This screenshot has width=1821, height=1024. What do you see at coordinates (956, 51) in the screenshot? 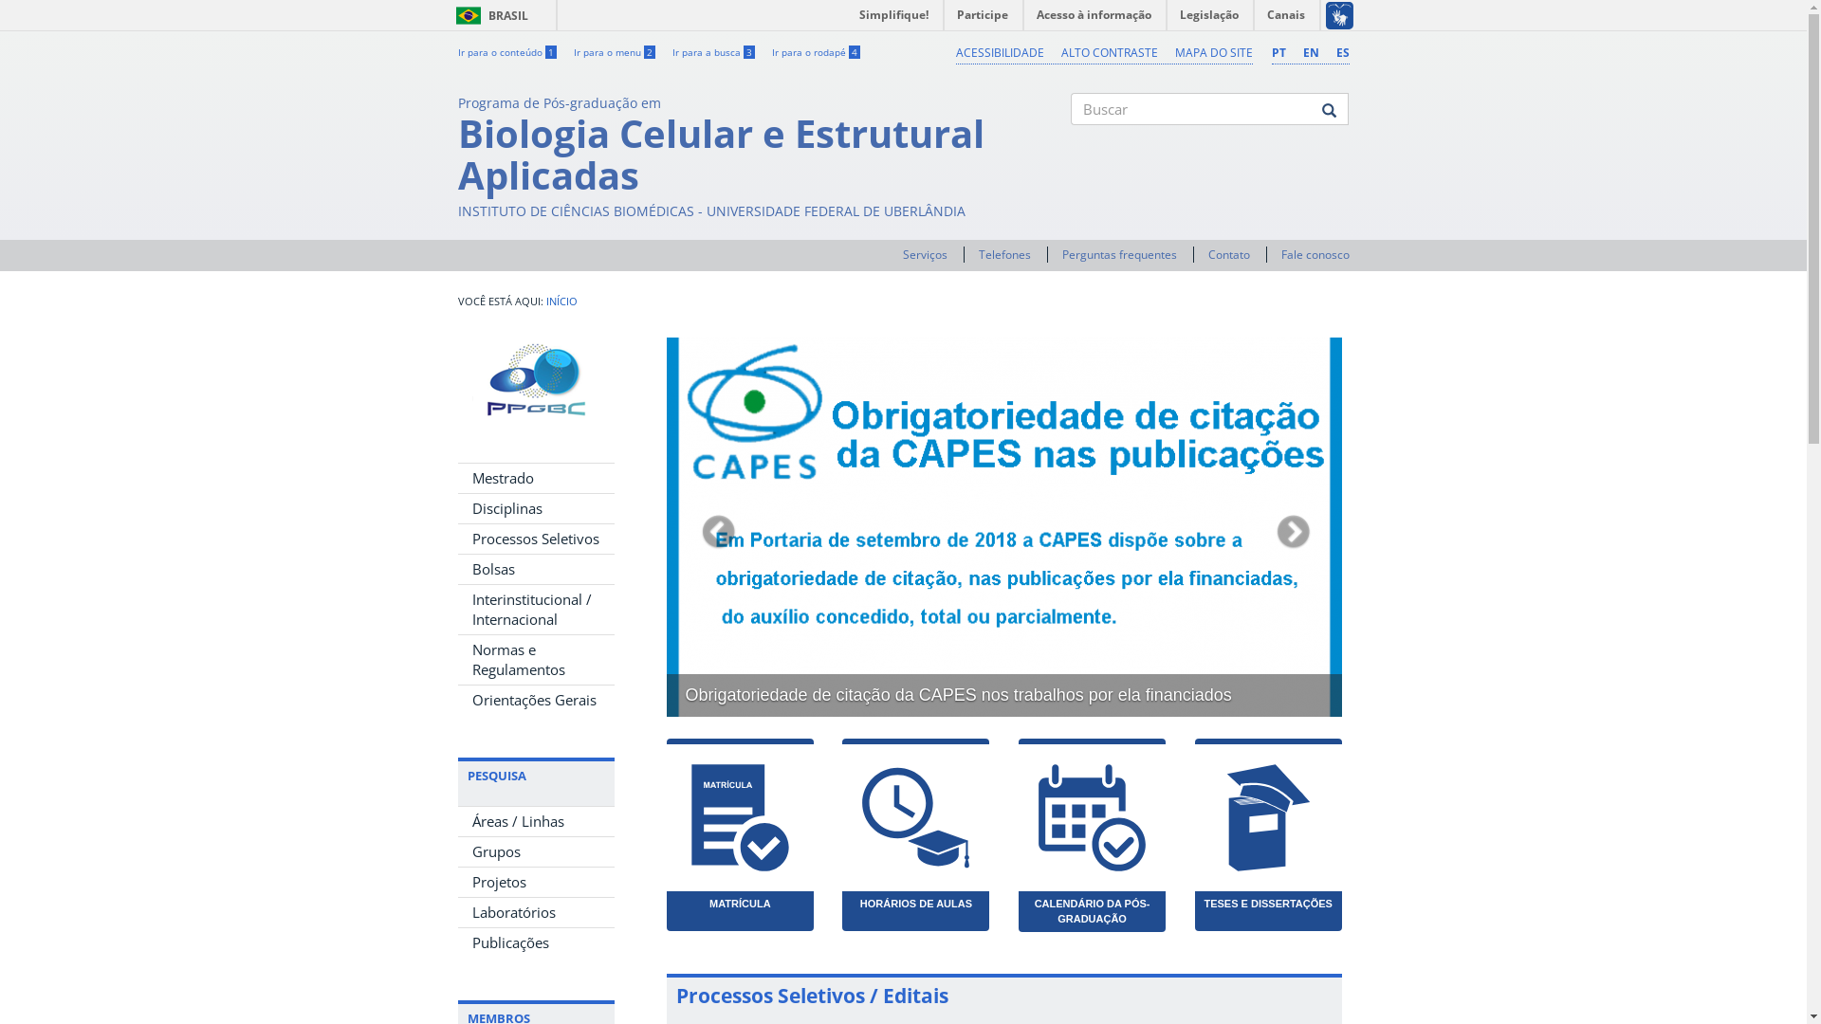
I see `'ACESSIBILIDADE'` at bounding box center [956, 51].